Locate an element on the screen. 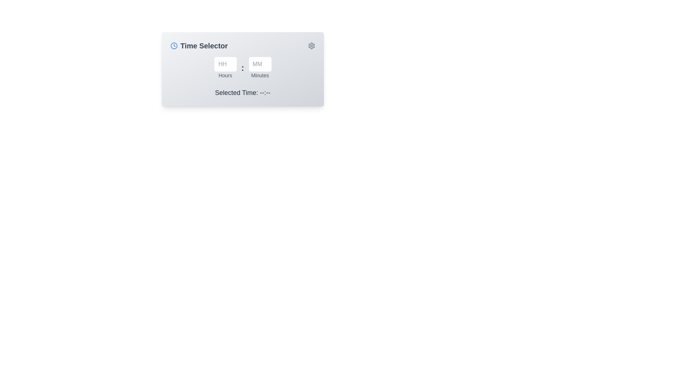 The height and width of the screenshot is (390, 695). the circular part of the clock icon in the SVG image, which is located to the left of the 'Time Selector' title is located at coordinates (174, 46).